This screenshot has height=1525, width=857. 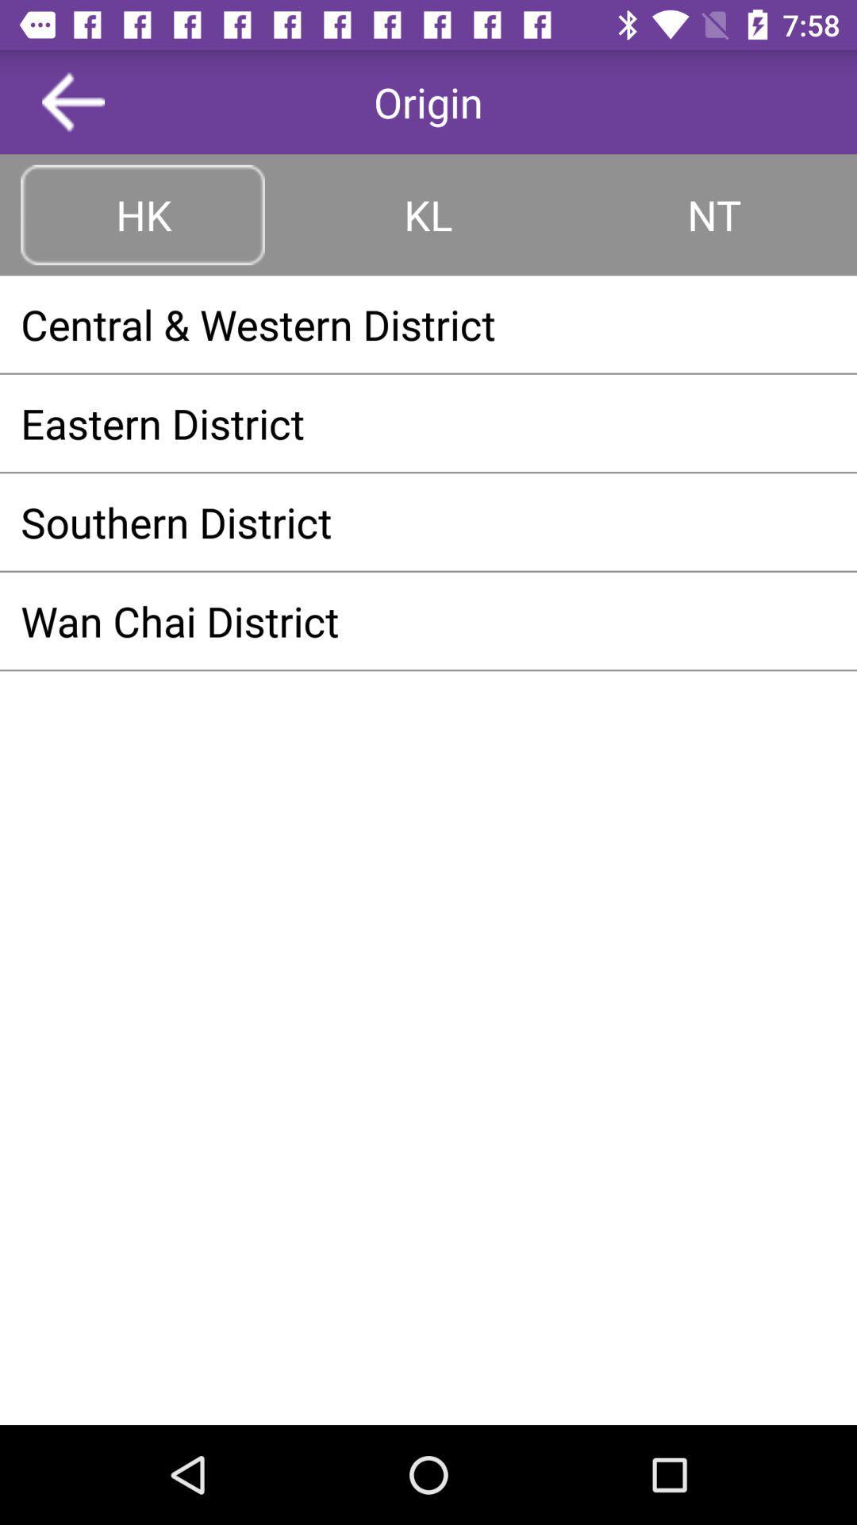 What do you see at coordinates (428, 522) in the screenshot?
I see `the item below the eastern district icon` at bounding box center [428, 522].